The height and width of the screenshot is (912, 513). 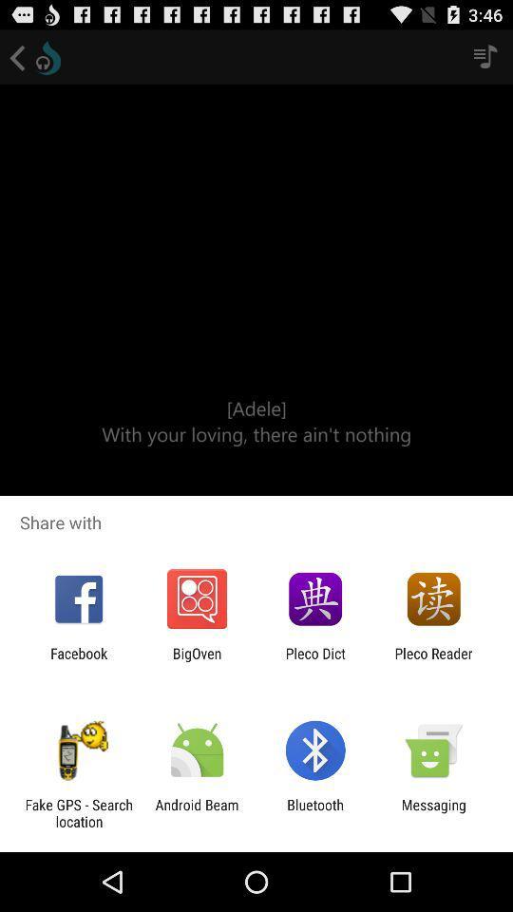 I want to click on icon to the left of pleco dict icon, so click(x=196, y=661).